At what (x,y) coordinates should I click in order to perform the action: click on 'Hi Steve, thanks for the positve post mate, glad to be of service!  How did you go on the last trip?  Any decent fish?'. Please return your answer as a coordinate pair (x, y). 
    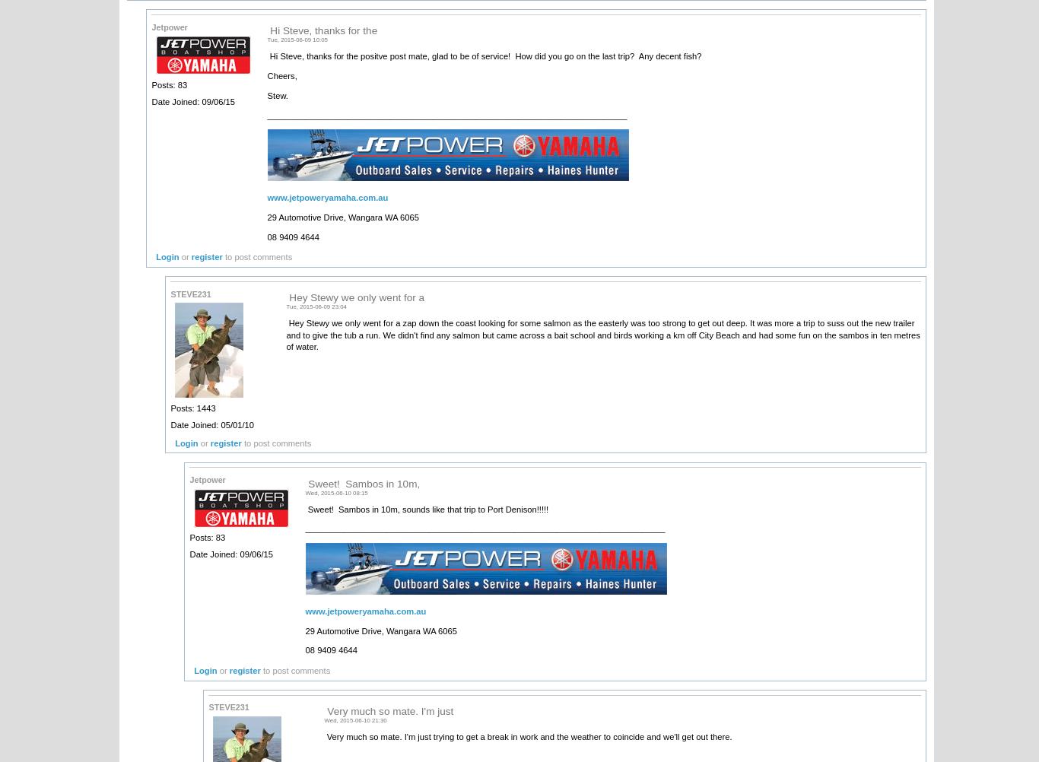
    Looking at the image, I should click on (485, 56).